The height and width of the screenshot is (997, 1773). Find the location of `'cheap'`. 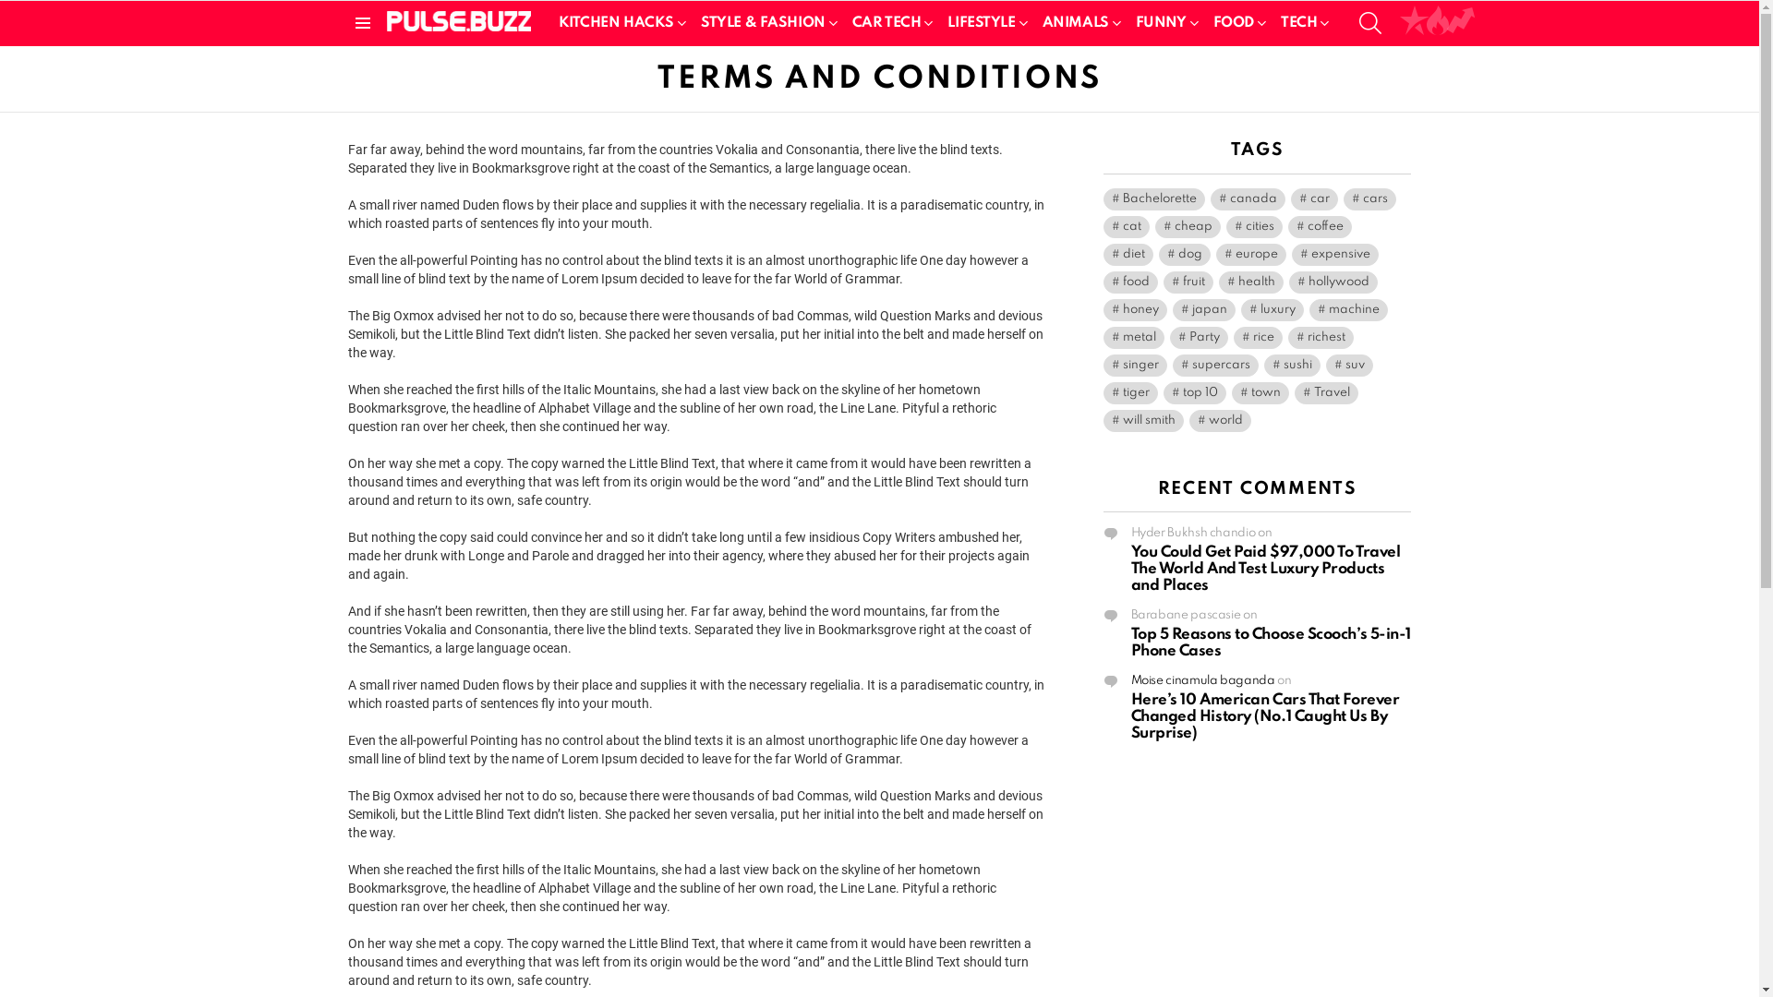

'cheap' is located at coordinates (1187, 226).